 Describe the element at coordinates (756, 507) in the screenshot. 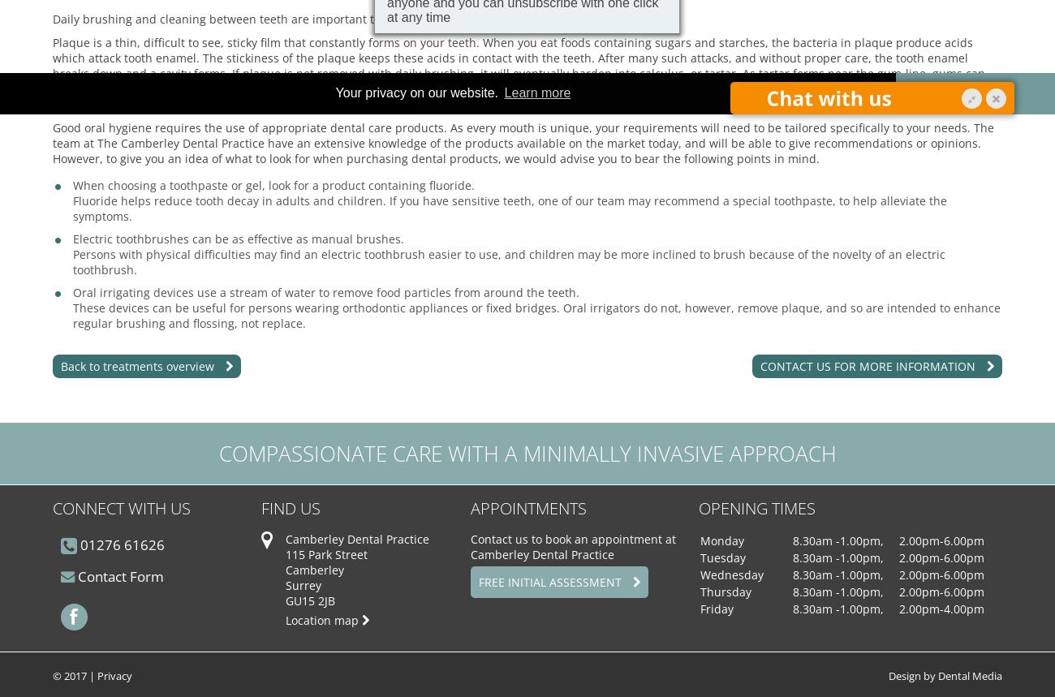

I see `'OPENING TIMES'` at that location.